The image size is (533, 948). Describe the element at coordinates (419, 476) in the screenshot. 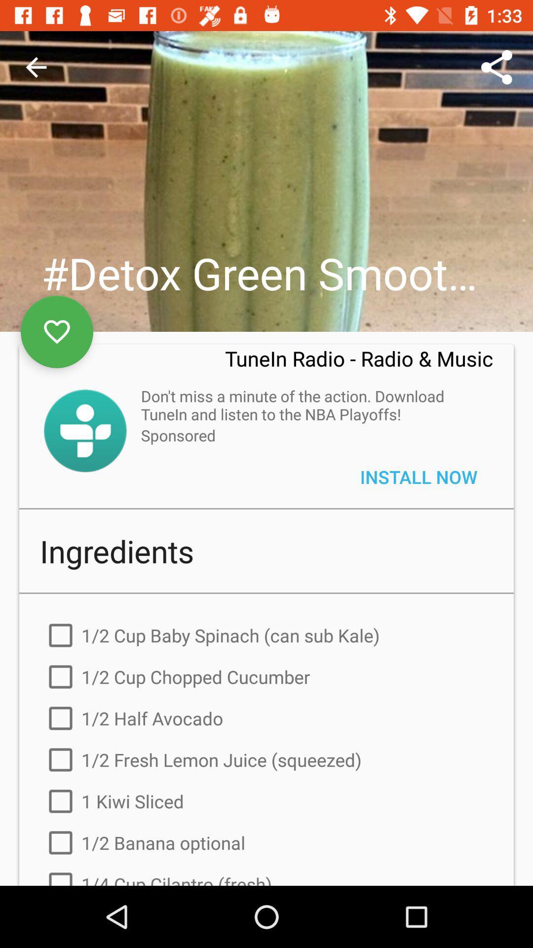

I see `item to the right of sponsored icon` at that location.